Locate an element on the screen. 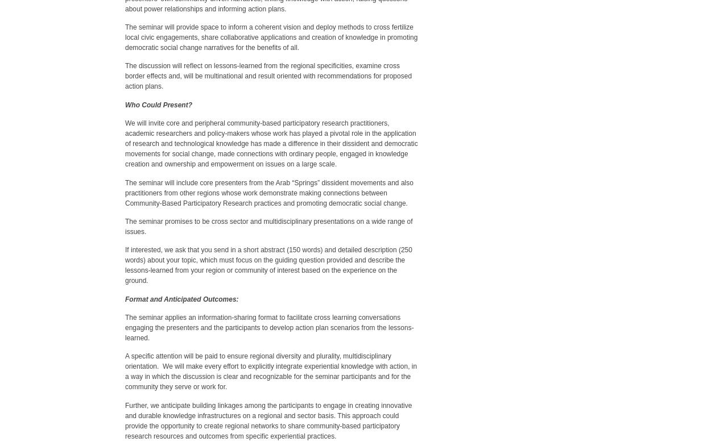 This screenshot has height=442, width=728. 'The seminar will include core presenters from the Arab “Springs” dissident movements and also practitioners from other regions whose work demonstrate making connections between Community-Based Participatory Research practices and promoting democratic social change.' is located at coordinates (268, 191).